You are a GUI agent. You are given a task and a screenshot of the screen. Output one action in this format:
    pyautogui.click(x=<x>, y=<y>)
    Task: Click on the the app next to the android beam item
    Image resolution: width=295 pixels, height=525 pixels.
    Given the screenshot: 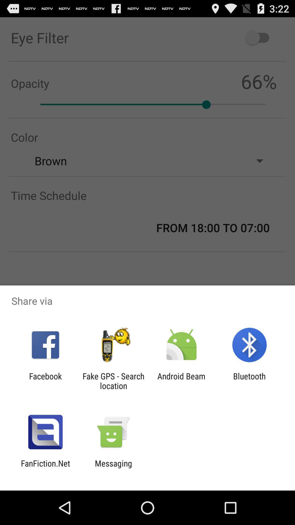 What is the action you would take?
    pyautogui.click(x=249, y=381)
    